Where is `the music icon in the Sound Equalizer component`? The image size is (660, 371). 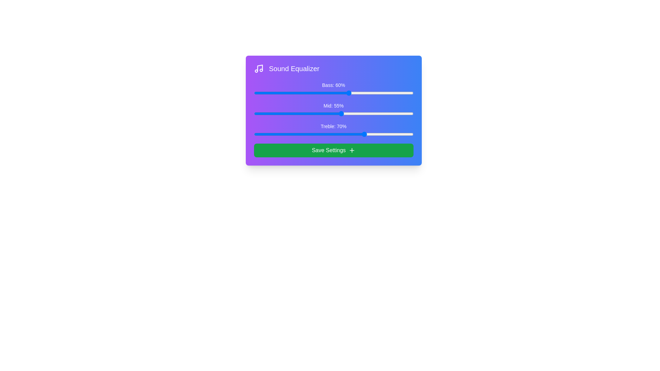
the music icon in the Sound Equalizer component is located at coordinates (258, 69).